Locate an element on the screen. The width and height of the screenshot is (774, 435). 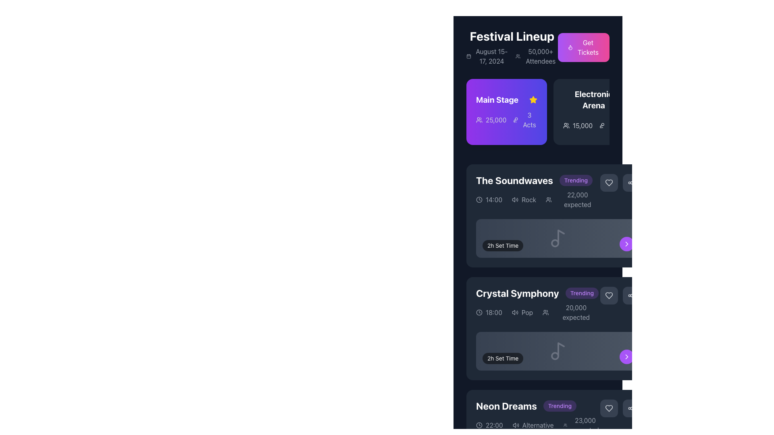
the text displaying the name of an event or location, located under the 'Festival Lineup' section in the first row of event cards, adjacent to the 'Main Stage' card is located at coordinates (594, 99).